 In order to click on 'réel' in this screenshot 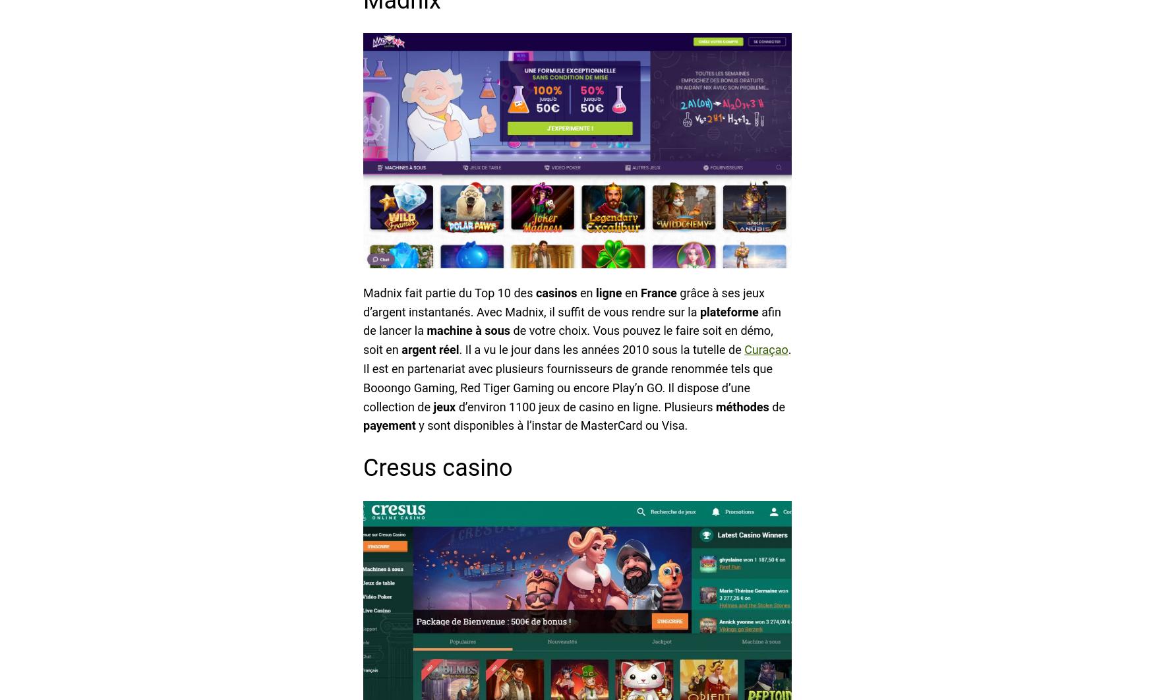, I will do `click(448, 349)`.